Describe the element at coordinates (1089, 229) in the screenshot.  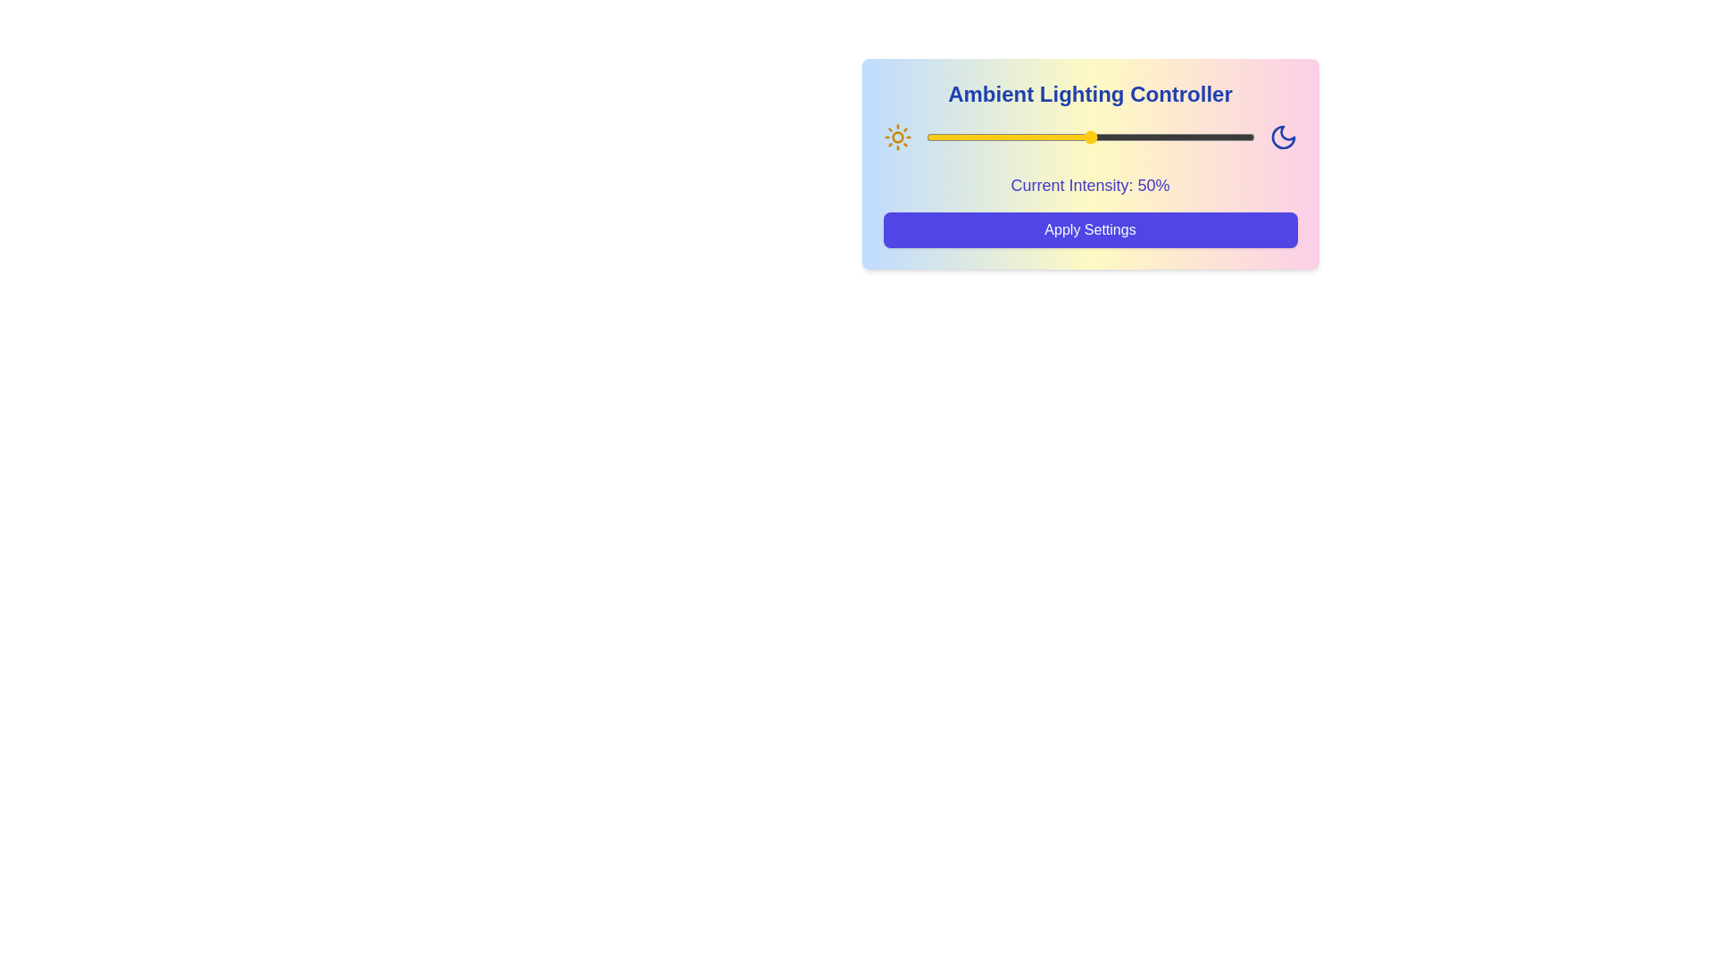
I see `the 'Apply Settings' button` at that location.